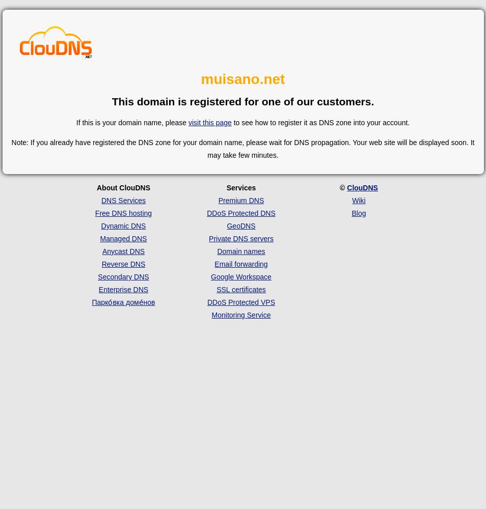 Image resolution: width=486 pixels, height=509 pixels. I want to click on 'Dynamic DNS', so click(123, 225).